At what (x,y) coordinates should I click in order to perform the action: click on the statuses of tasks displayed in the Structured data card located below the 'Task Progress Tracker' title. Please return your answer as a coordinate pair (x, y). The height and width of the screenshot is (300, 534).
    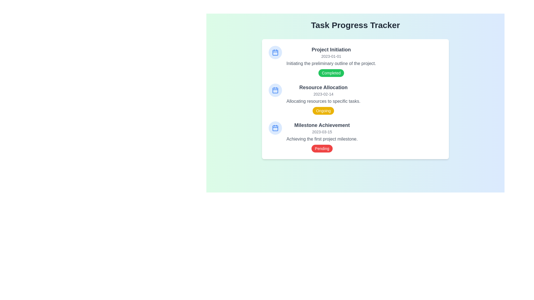
    Looking at the image, I should click on (355, 99).